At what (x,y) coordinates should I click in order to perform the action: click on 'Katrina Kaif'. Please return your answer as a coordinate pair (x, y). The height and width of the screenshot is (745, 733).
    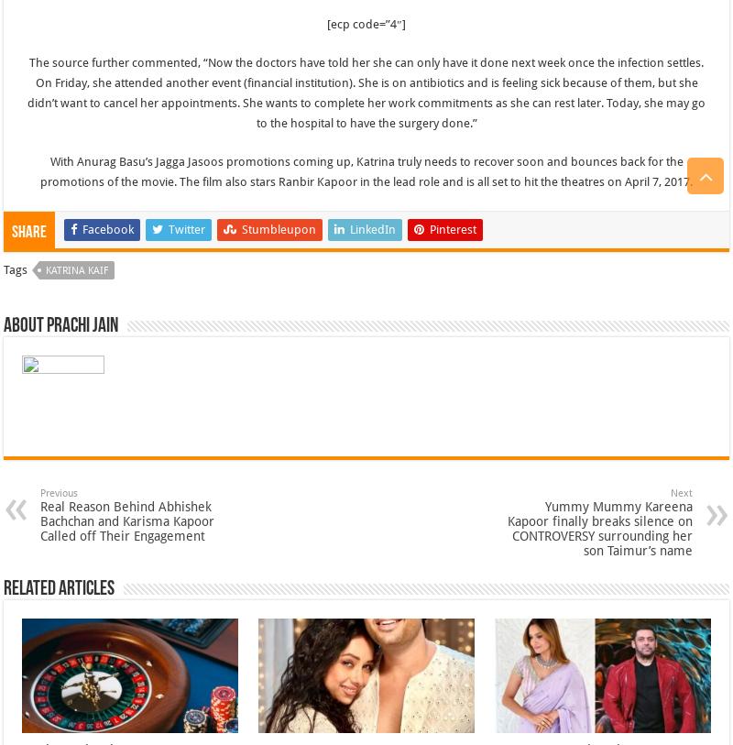
    Looking at the image, I should click on (77, 268).